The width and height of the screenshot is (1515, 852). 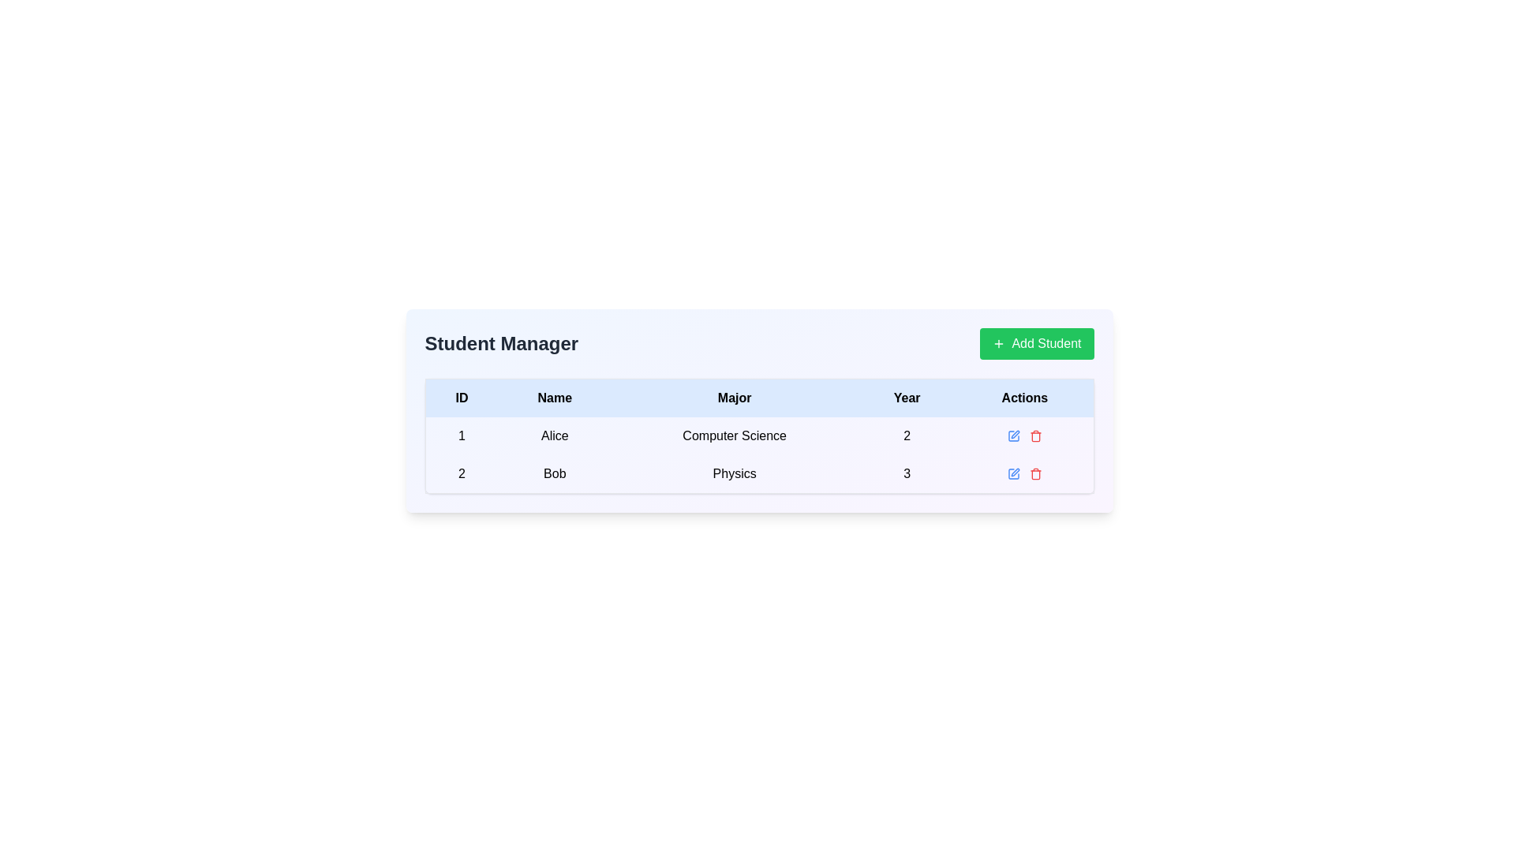 What do you see at coordinates (1035, 473) in the screenshot?
I see `the trash can icon in the 'Actions' column of the second row in the 'Student Manager' table to change its color` at bounding box center [1035, 473].